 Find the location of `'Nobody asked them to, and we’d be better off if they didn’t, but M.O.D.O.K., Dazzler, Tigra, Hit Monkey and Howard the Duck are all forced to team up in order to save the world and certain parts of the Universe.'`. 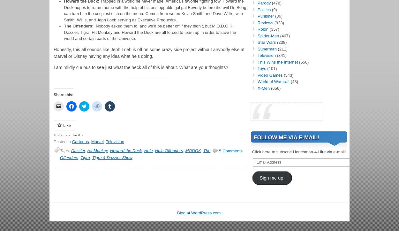

'Nobody asked them to, and we’d be better off if they didn’t, but M.O.D.O.K., Dazzler, Tigra, Hit Monkey and Howard the Duck are all forced to team up in order to save the world and certain parts of the Universe.' is located at coordinates (64, 32).